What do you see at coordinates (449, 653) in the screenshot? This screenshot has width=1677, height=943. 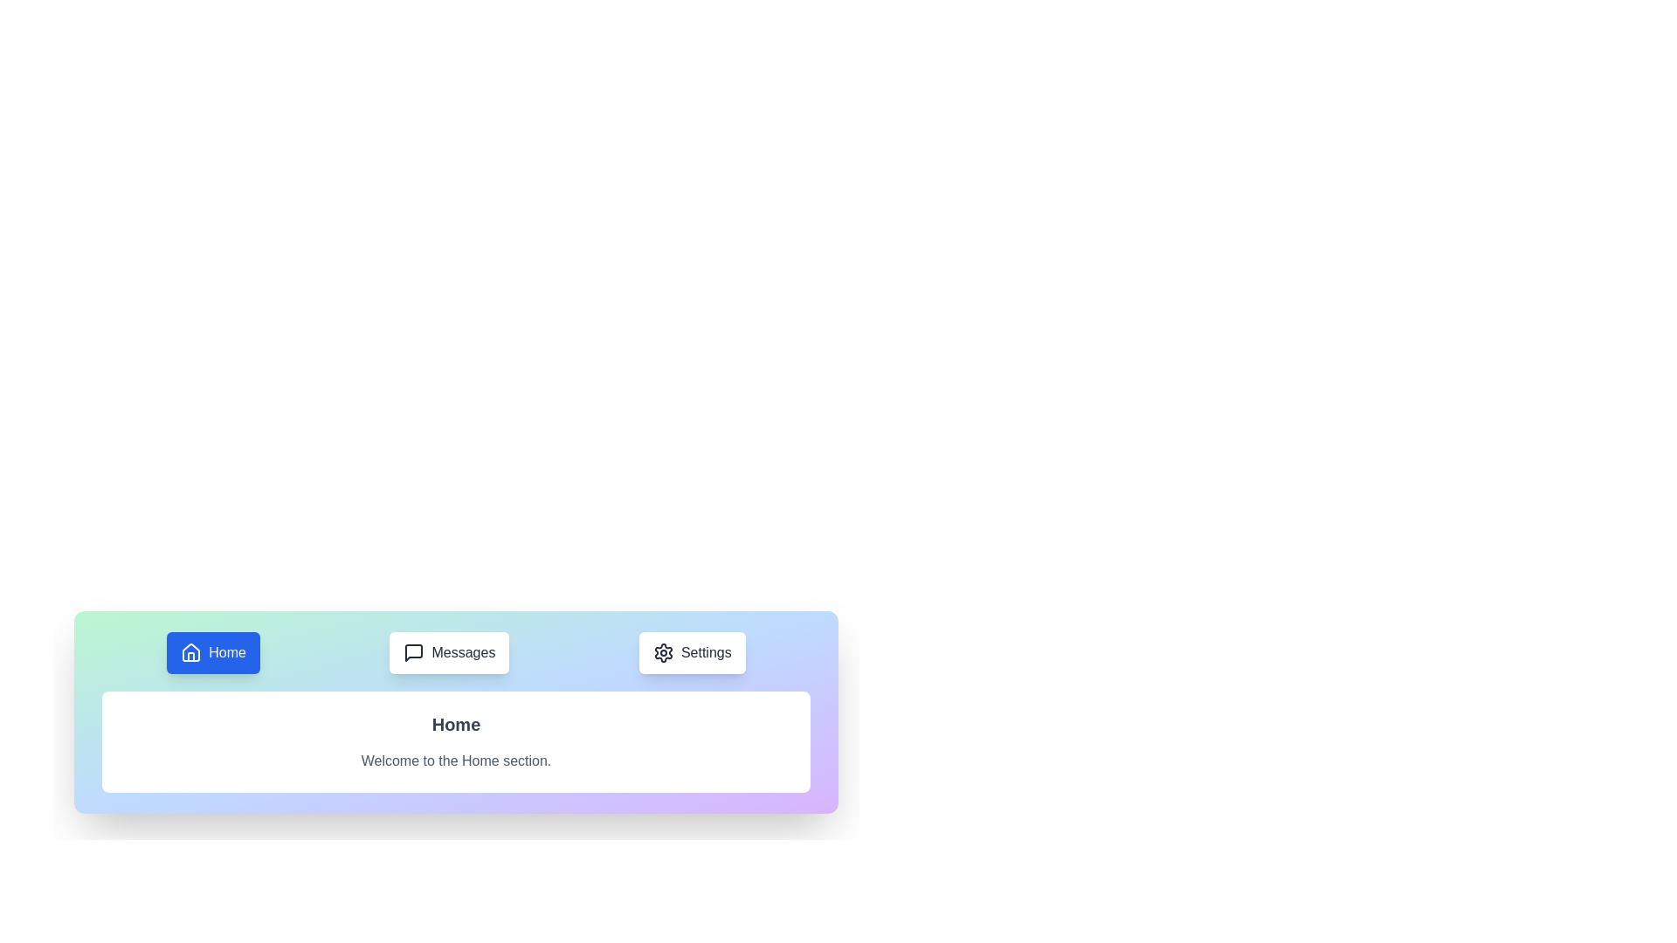 I see `the tab labeled Messages to select it` at bounding box center [449, 653].